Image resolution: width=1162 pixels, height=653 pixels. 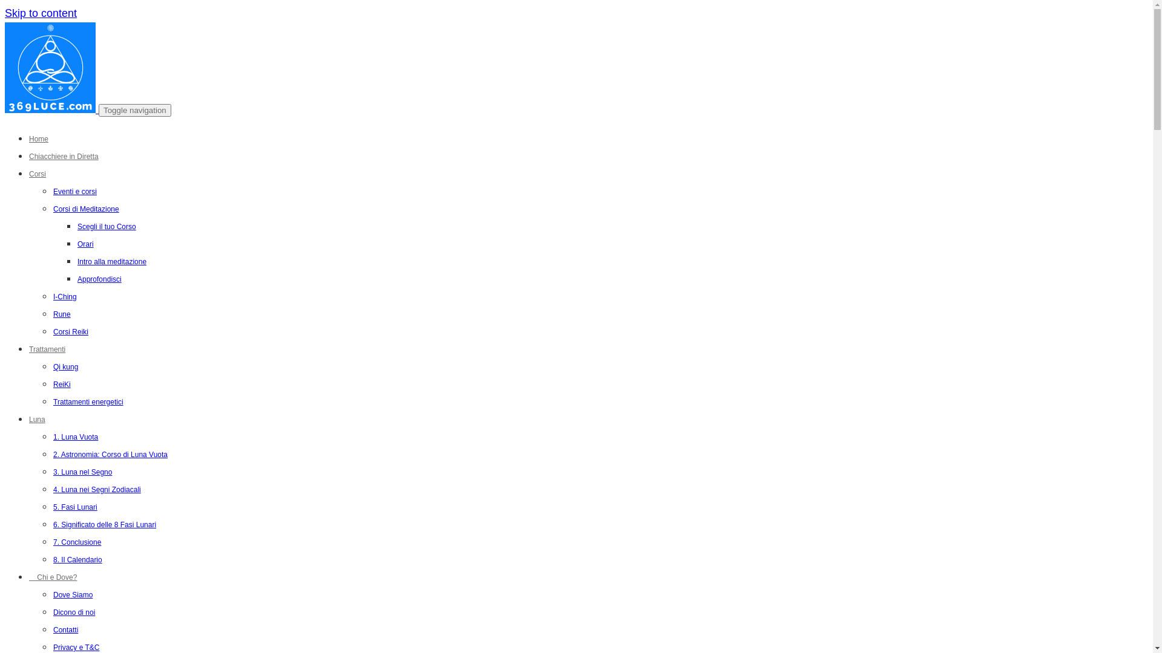 I want to click on 'Contatti', so click(x=65, y=629).